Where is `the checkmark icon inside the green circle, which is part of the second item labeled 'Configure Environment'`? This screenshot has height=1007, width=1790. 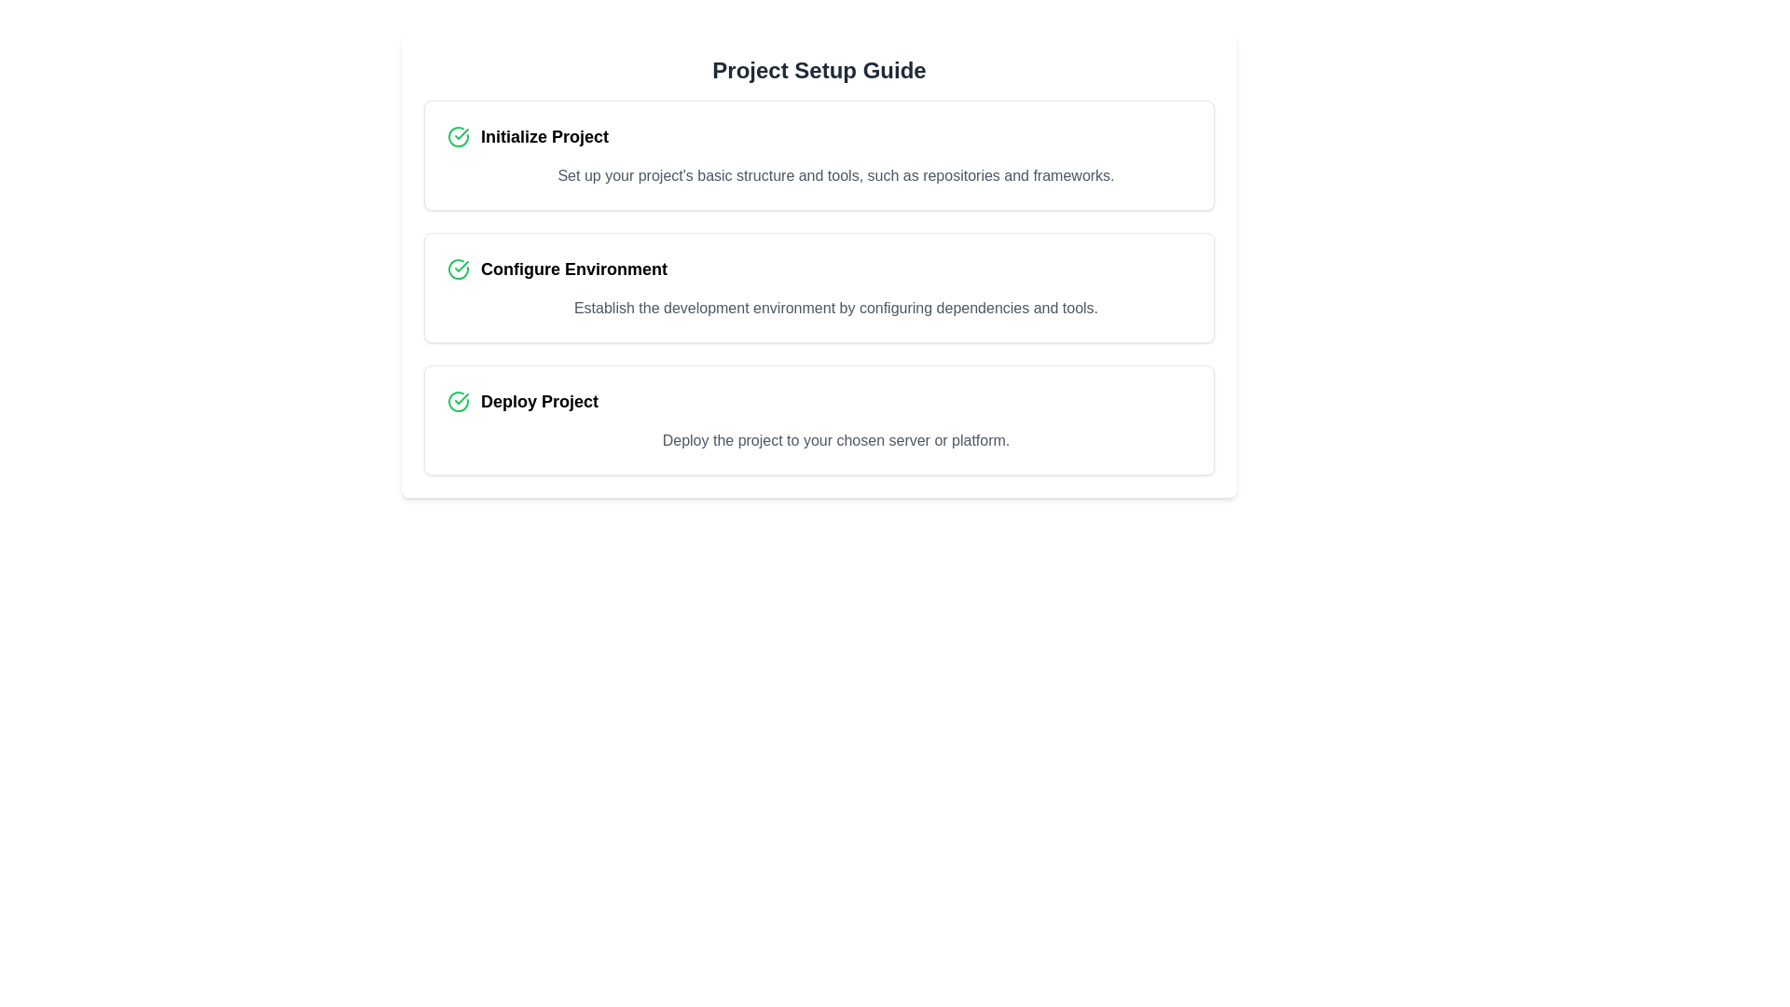
the checkmark icon inside the green circle, which is part of the second item labeled 'Configure Environment' is located at coordinates (461, 266).